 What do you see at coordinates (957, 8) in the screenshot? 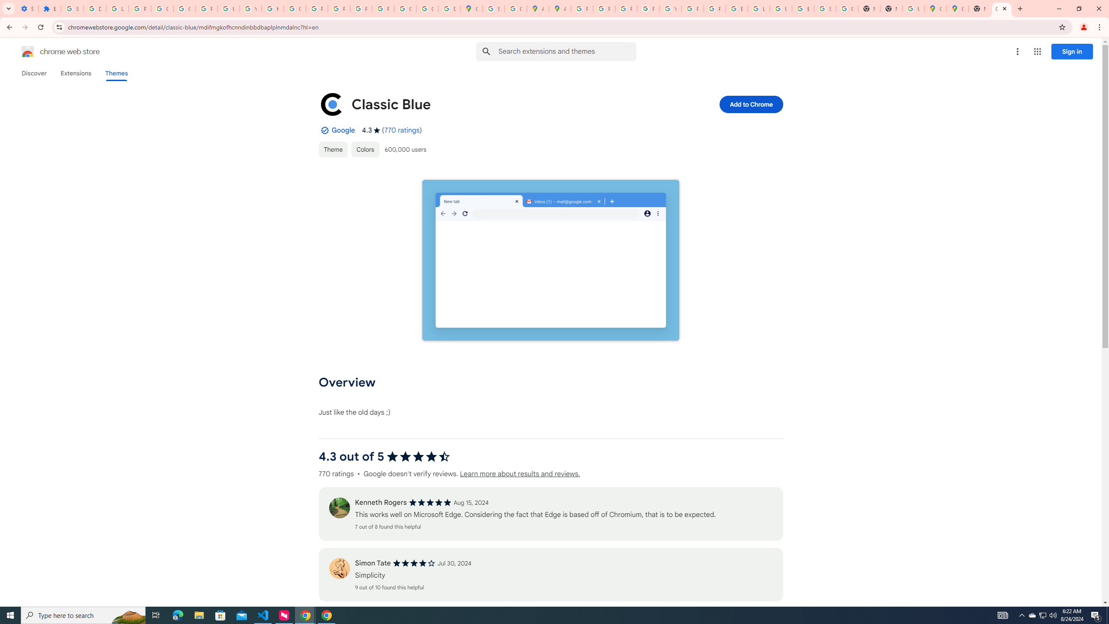
I see `'Google Maps'` at bounding box center [957, 8].